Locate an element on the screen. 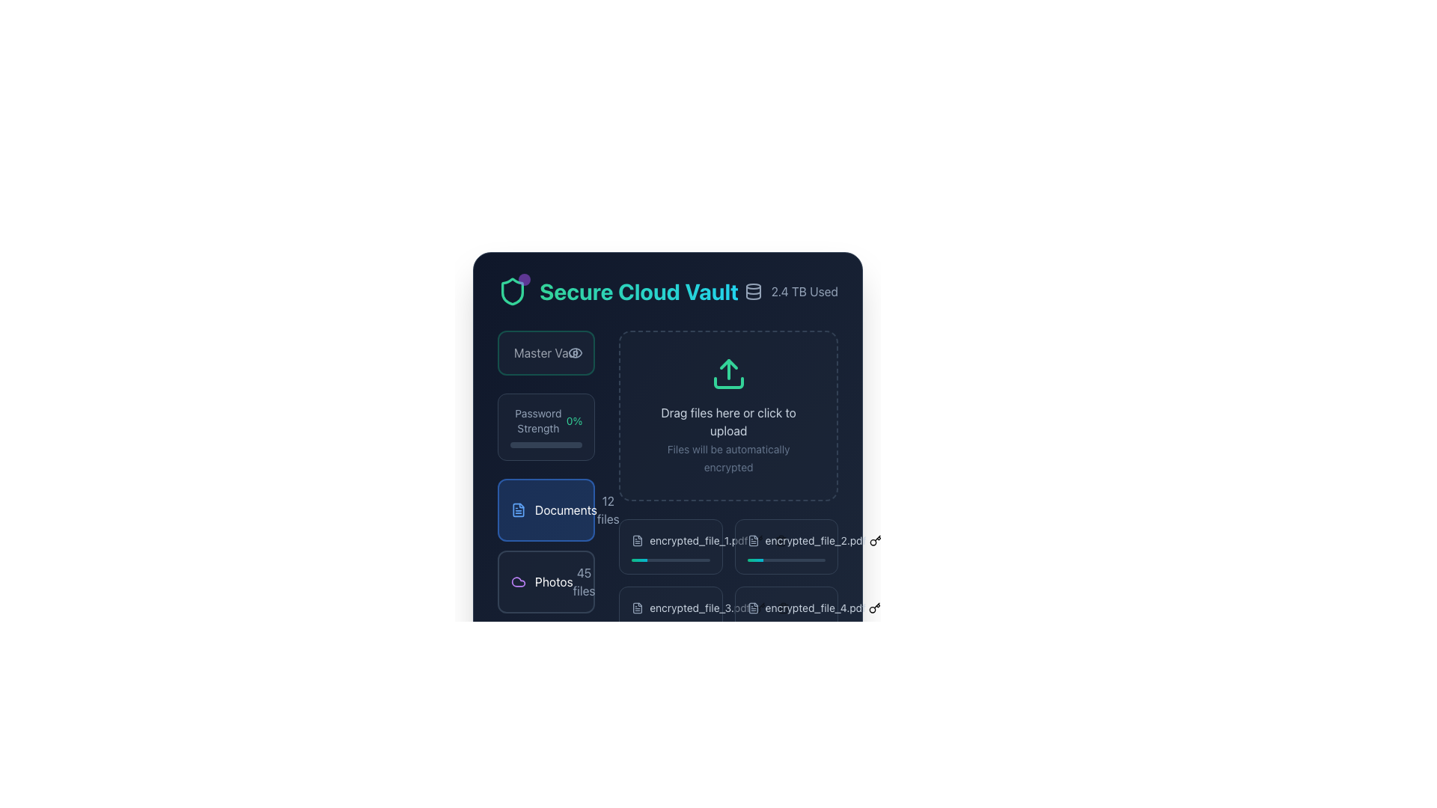 This screenshot has height=808, width=1437. the 'Documents' text label, which is displayed in white text and is located beneath the 'Master Vault' and 'Password Strength' sections, within a blue shaded area that includes a file icon is located at coordinates (565, 509).